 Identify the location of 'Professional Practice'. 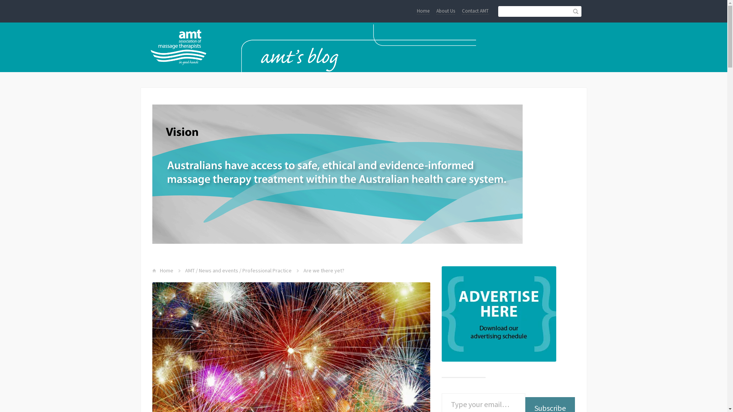
(266, 270).